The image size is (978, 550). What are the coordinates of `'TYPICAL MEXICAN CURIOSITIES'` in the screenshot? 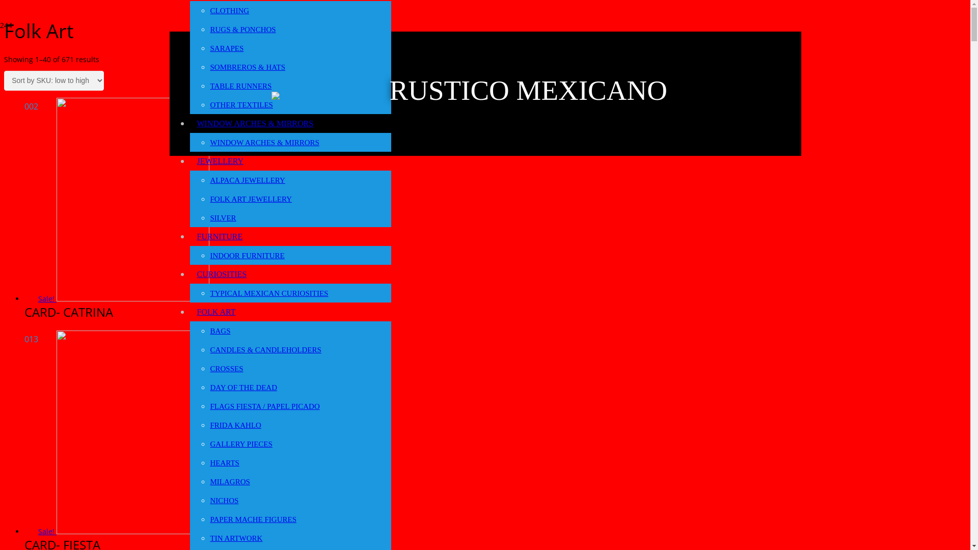 It's located at (269, 293).